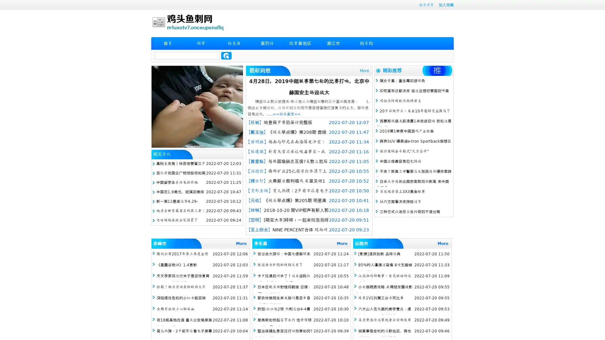 The image size is (605, 340). What do you see at coordinates (226, 55) in the screenshot?
I see `Search` at bounding box center [226, 55].